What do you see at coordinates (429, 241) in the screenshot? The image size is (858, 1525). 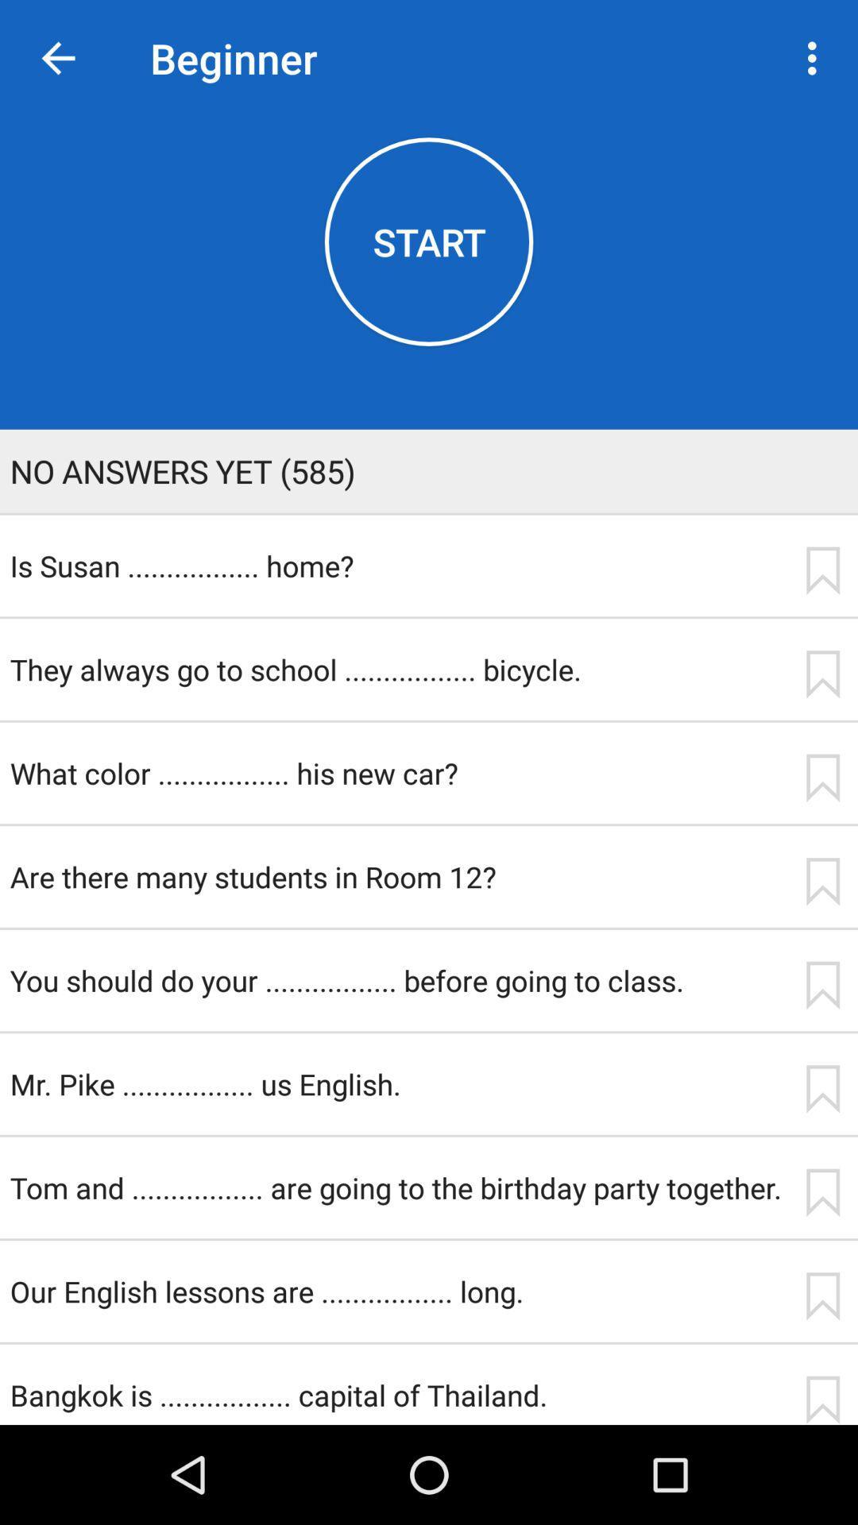 I see `start icon` at bounding box center [429, 241].